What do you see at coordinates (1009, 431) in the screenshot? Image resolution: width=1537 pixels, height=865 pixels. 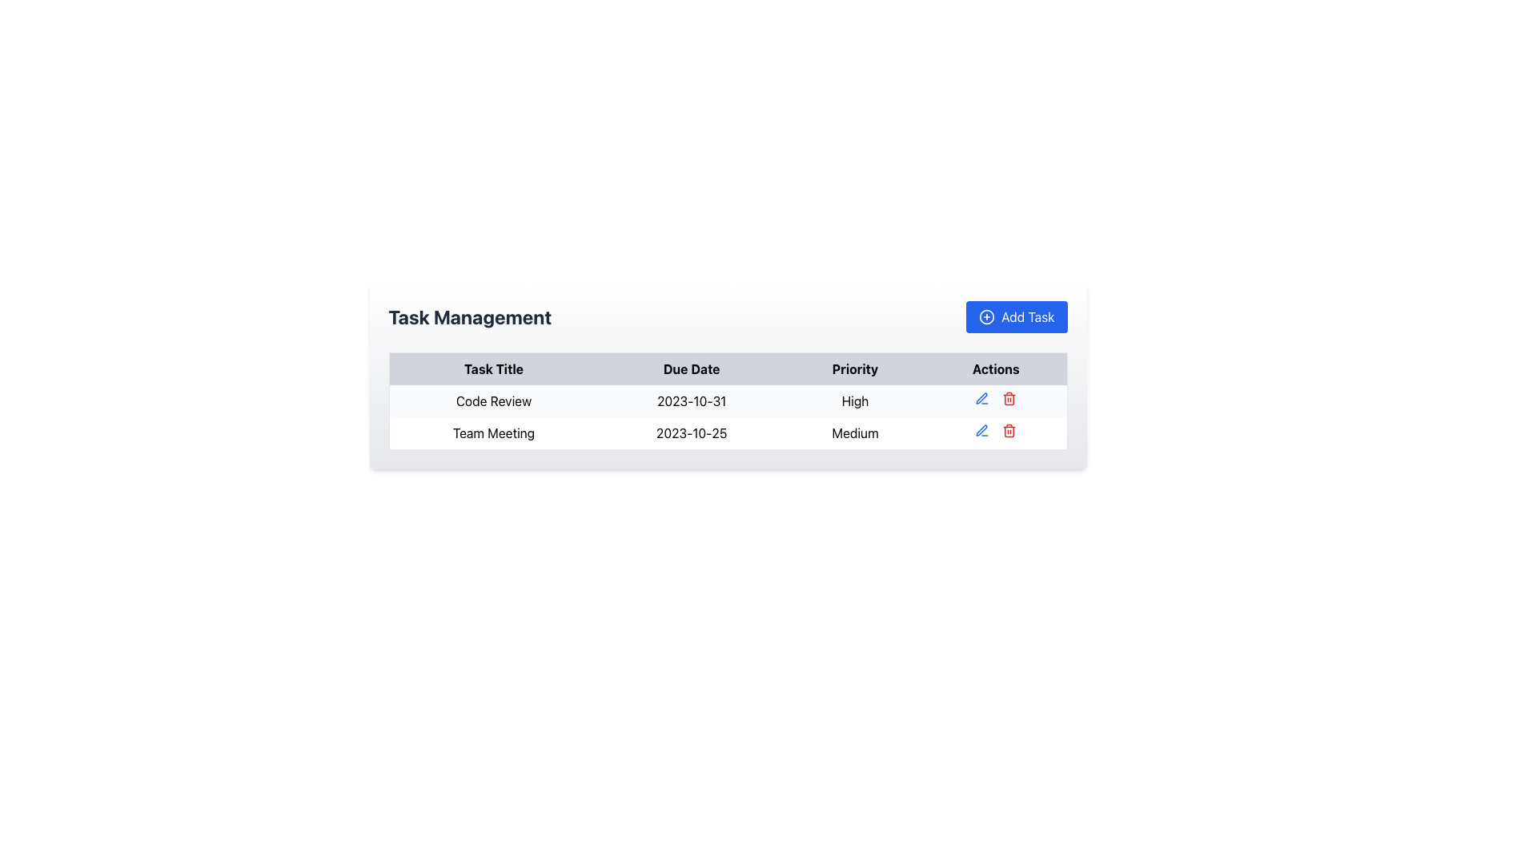 I see `the vertical rounded body of the trash can icon located in the 'Actions' column of the second row for the 'Team Meeting' task` at bounding box center [1009, 431].